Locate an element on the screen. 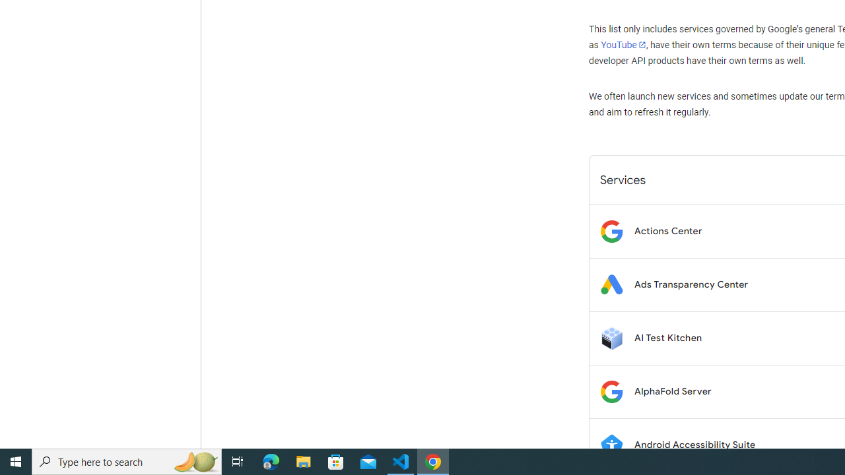 The width and height of the screenshot is (845, 475). 'Logo for AI Test Kitchen' is located at coordinates (611, 337).